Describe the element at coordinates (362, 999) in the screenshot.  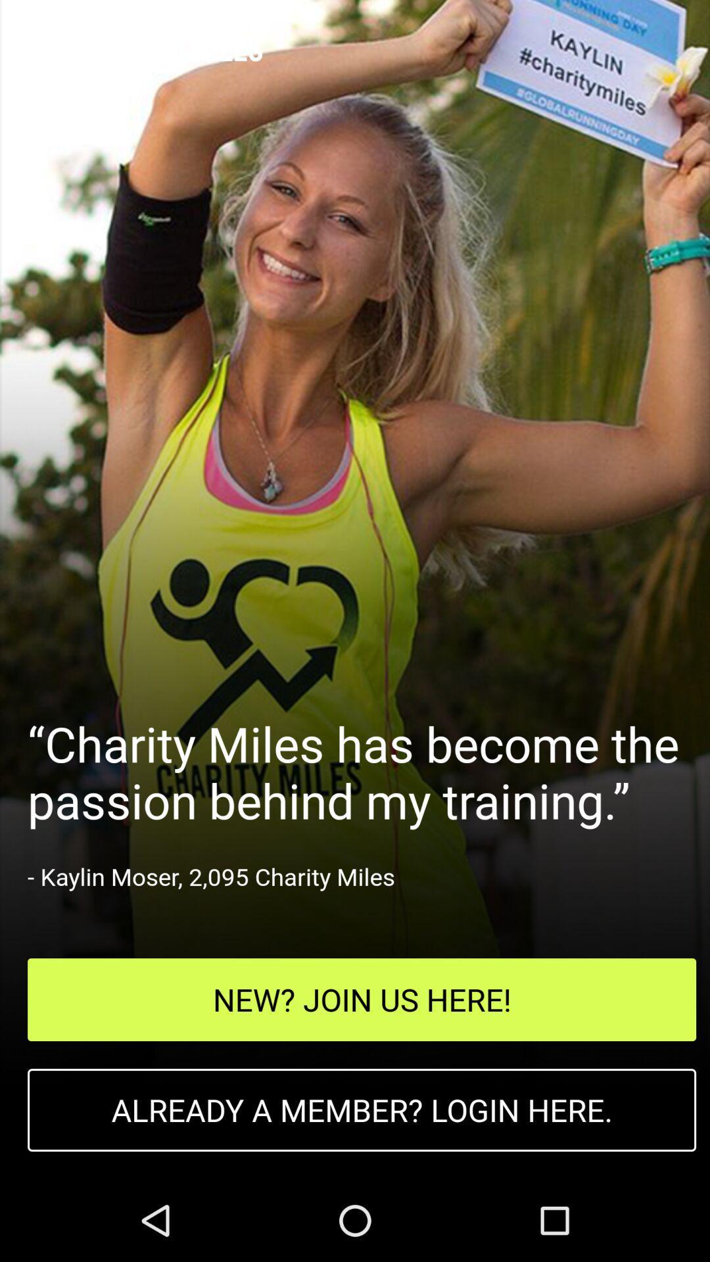
I see `new join us` at that location.